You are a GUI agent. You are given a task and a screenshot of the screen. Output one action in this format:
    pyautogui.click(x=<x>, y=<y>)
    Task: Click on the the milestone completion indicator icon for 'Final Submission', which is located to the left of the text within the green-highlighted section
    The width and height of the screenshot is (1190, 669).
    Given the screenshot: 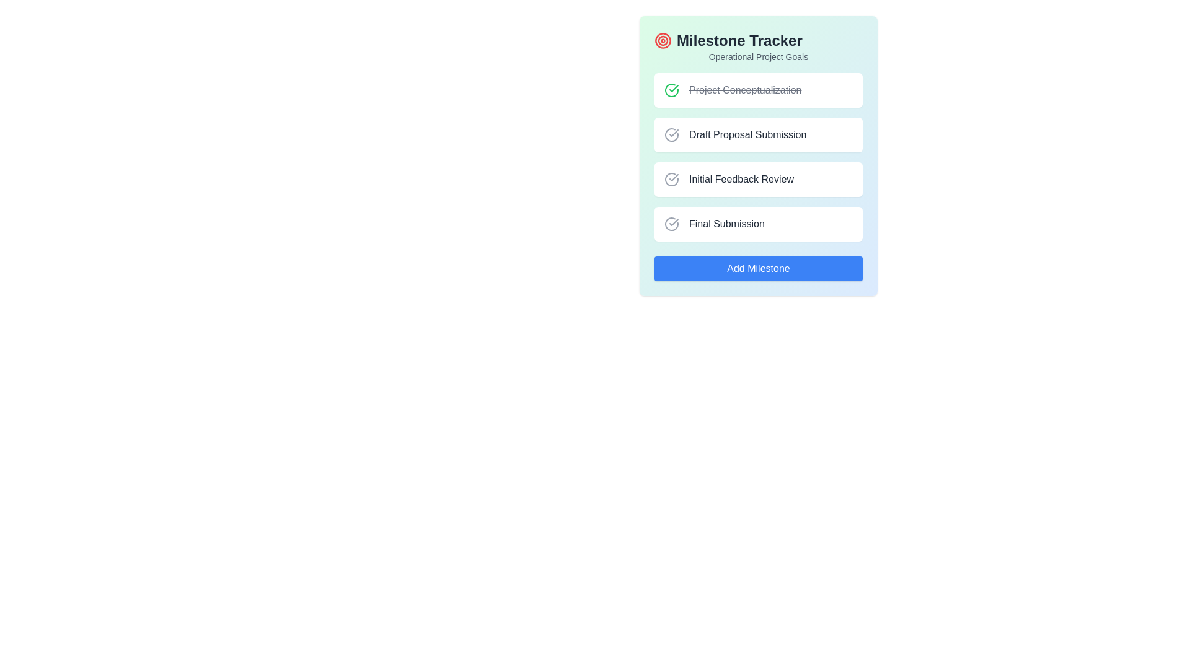 What is the action you would take?
    pyautogui.click(x=671, y=224)
    